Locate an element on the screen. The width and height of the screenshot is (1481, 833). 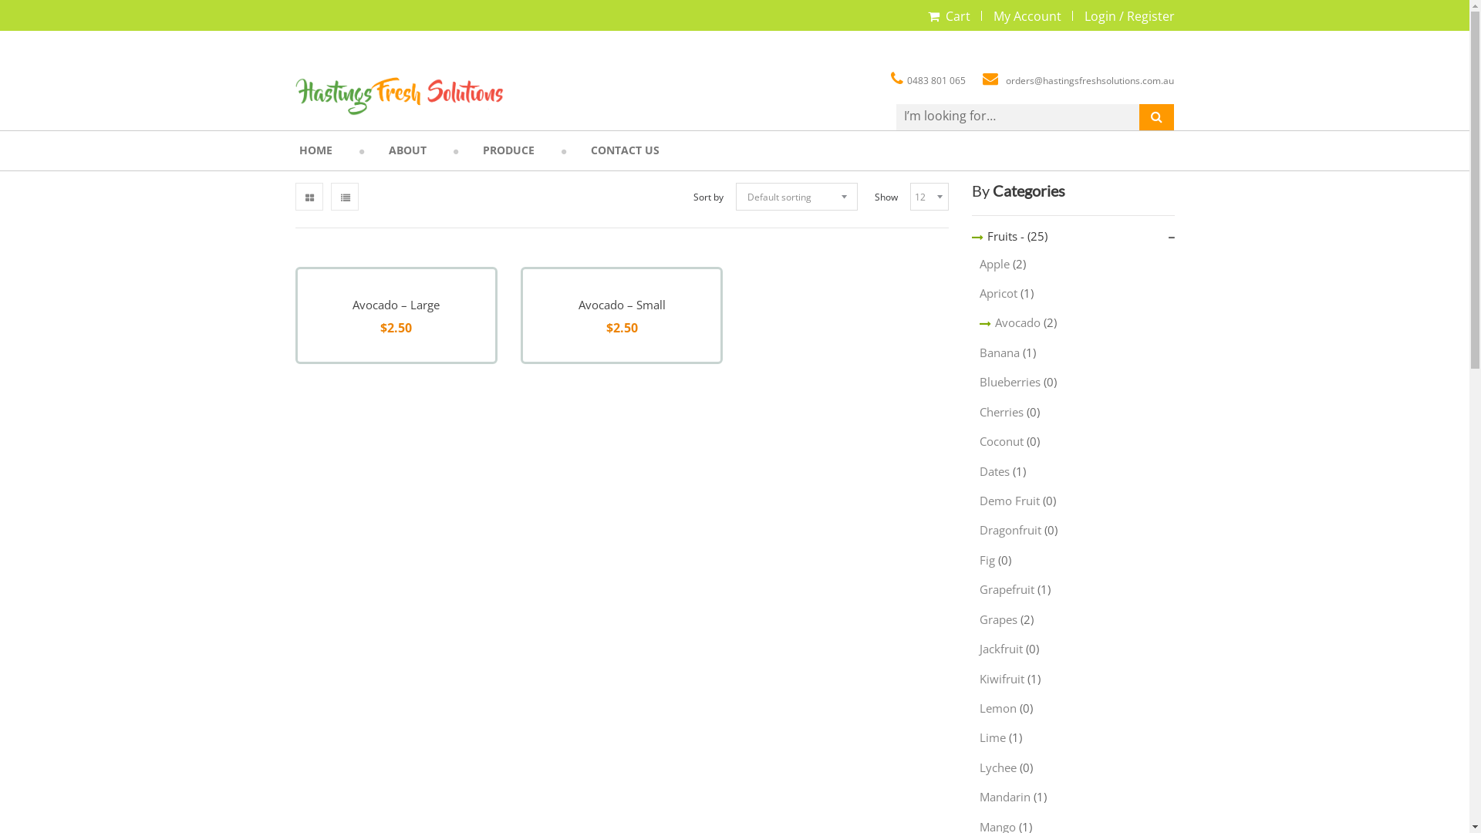
'Fruits -' is located at coordinates (998, 235).